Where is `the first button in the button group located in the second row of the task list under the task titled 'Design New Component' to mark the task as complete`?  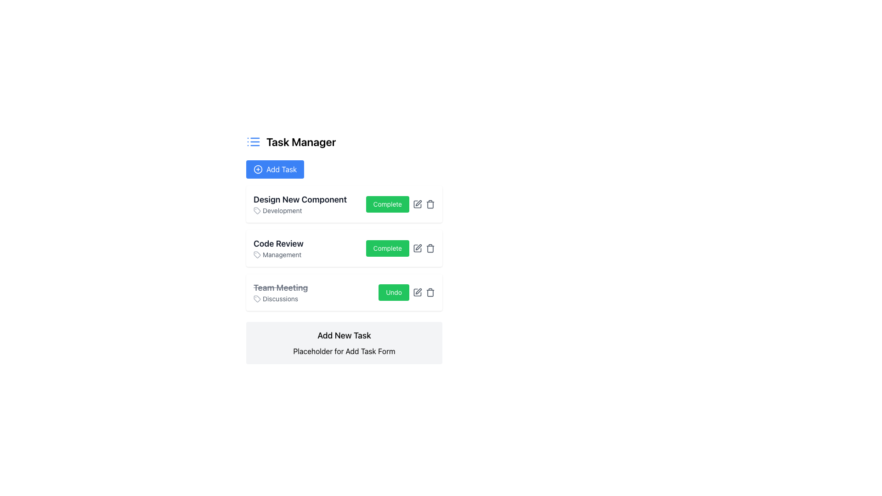 the first button in the button group located in the second row of the task list under the task titled 'Design New Component' to mark the task as complete is located at coordinates (387, 203).